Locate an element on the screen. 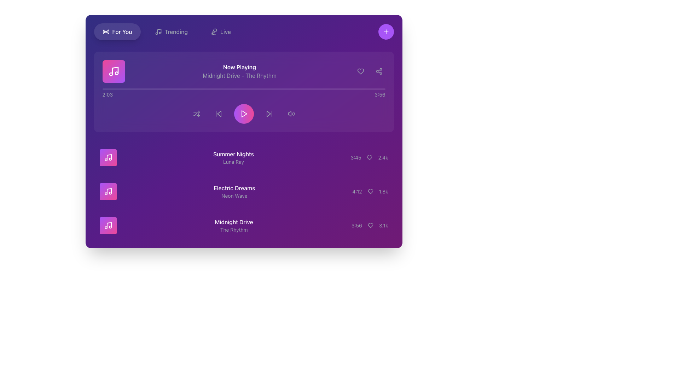  the skip button located to the right of the circular play button in the media playback controls is located at coordinates (269, 113).